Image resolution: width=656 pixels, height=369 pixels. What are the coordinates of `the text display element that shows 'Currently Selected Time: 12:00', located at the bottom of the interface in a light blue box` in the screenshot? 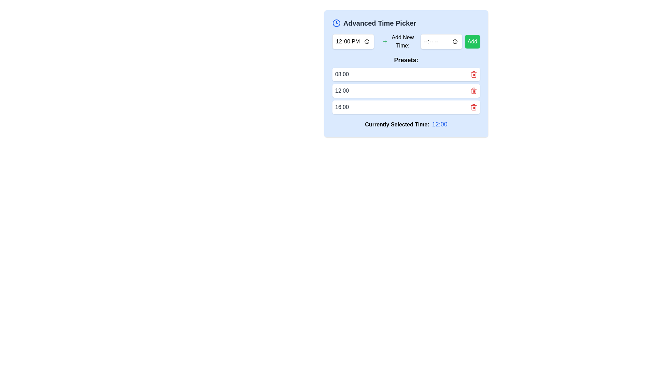 It's located at (406, 124).